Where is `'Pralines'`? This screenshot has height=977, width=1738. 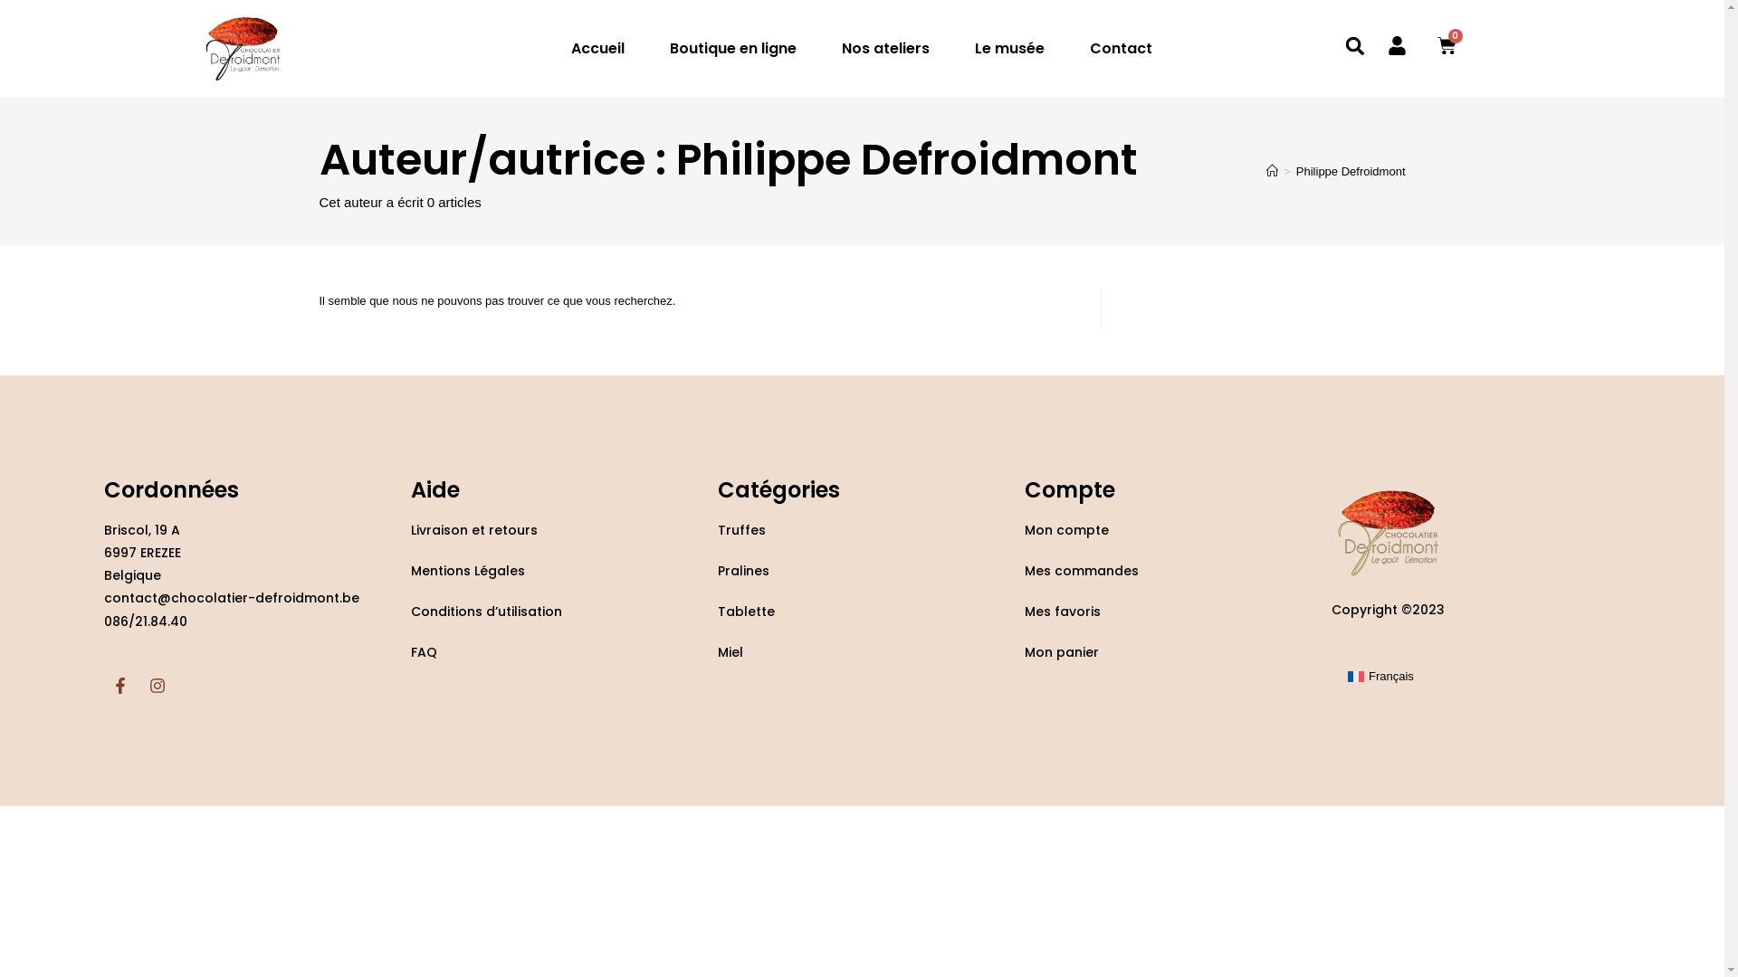
'Pralines' is located at coordinates (716, 571).